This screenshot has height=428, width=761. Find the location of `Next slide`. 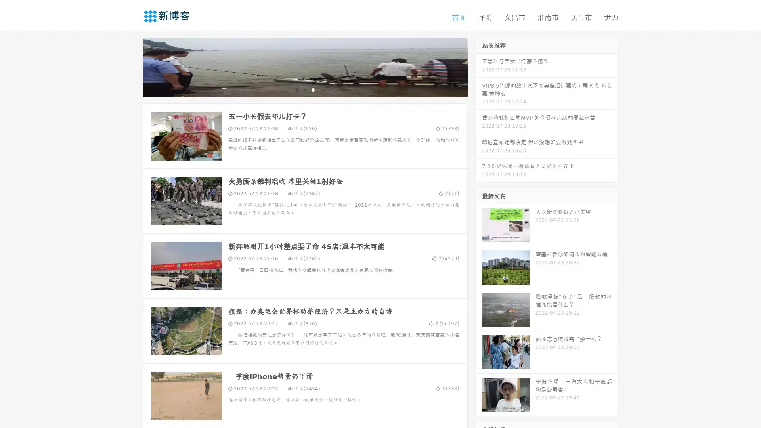

Next slide is located at coordinates (479, 67).